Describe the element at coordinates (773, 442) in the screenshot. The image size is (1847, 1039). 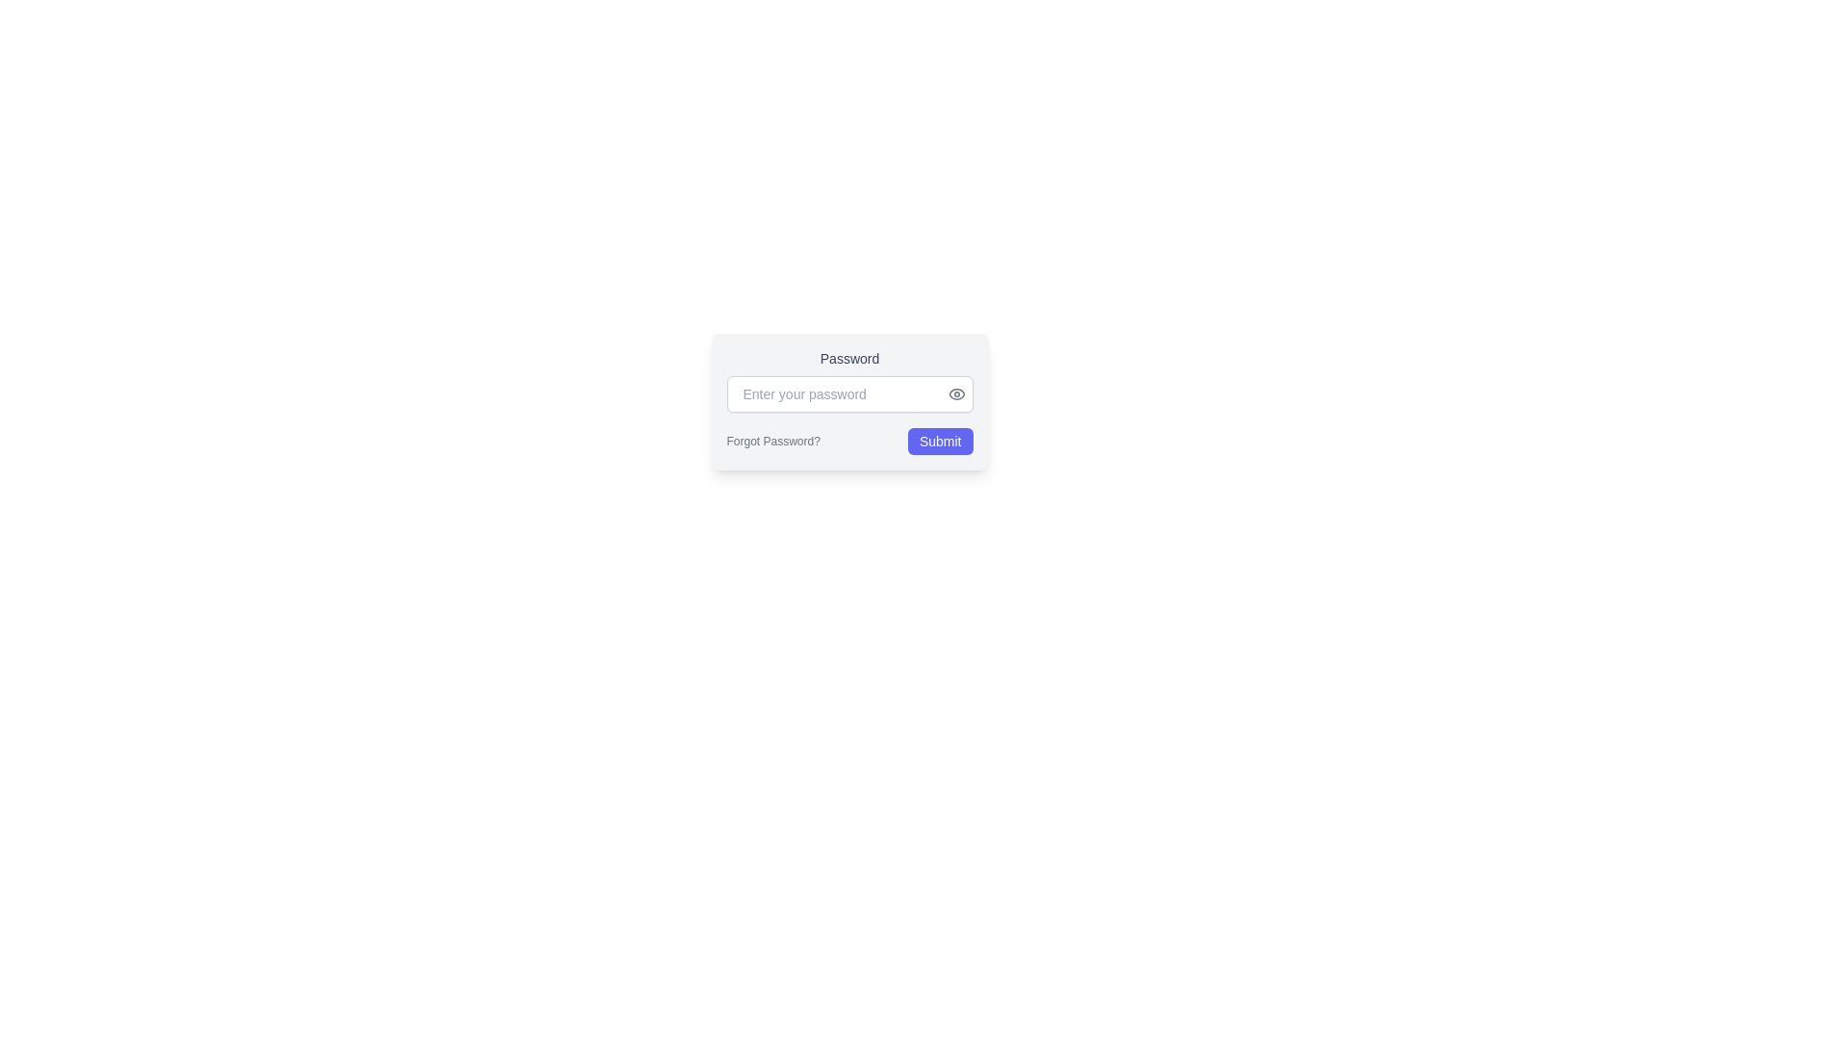
I see `the password recovery button located to the left of the 'Submit' button` at that location.